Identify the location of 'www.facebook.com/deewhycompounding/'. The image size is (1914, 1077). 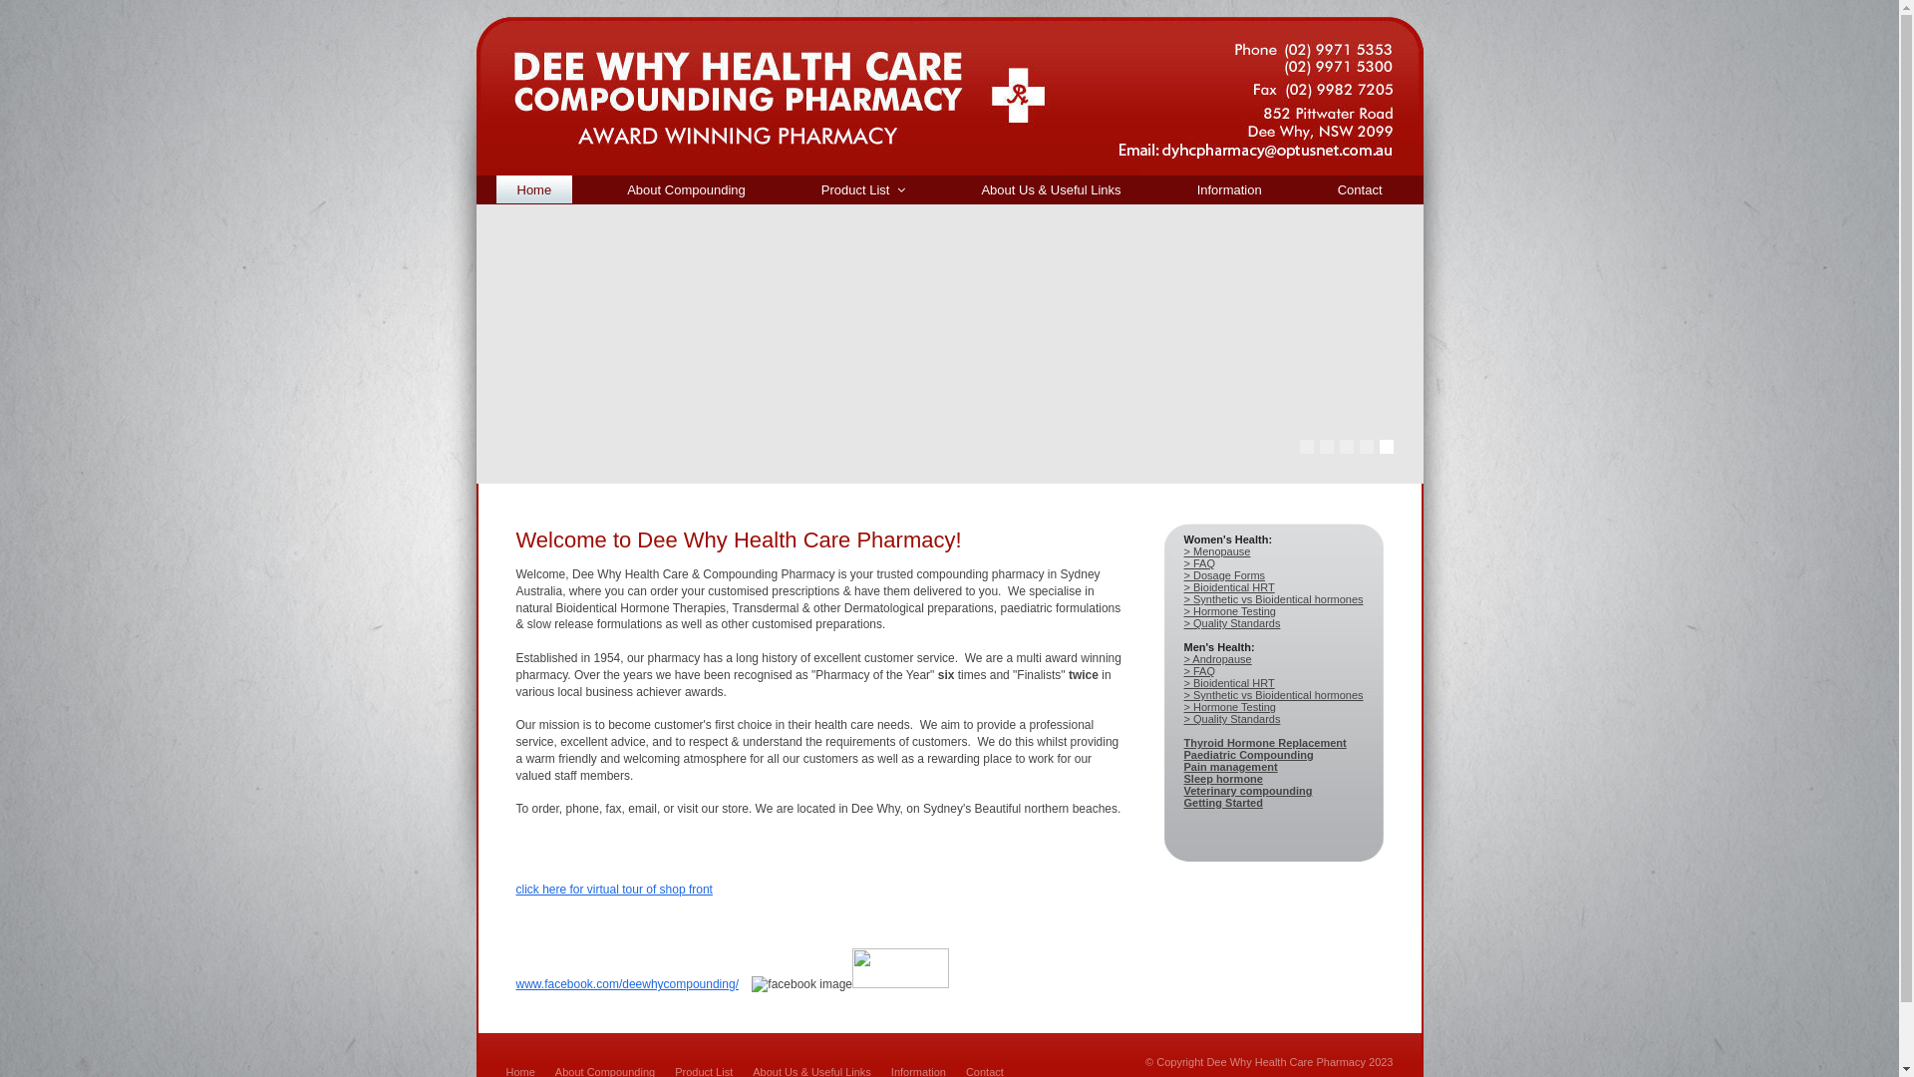
(626, 983).